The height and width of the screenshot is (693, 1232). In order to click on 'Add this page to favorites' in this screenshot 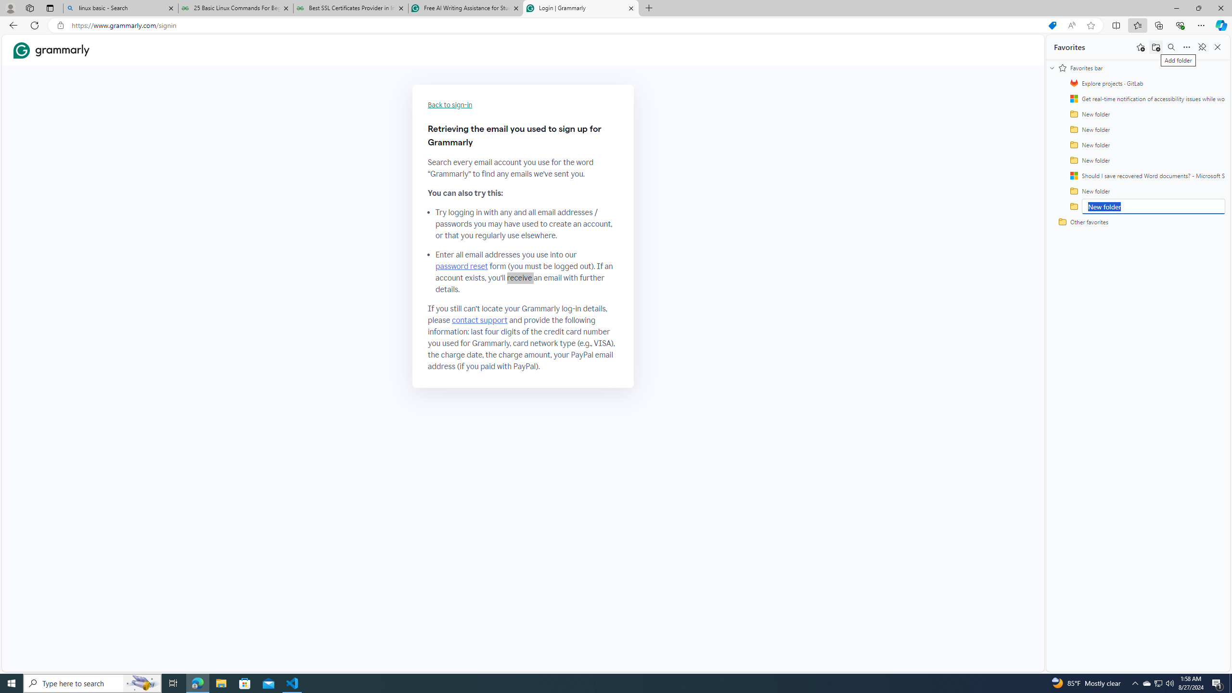, I will do `click(1140, 46)`.